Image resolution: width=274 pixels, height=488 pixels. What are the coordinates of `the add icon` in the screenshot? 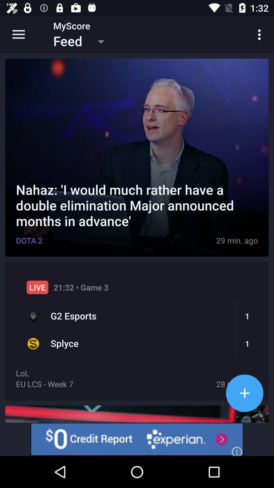 It's located at (244, 393).